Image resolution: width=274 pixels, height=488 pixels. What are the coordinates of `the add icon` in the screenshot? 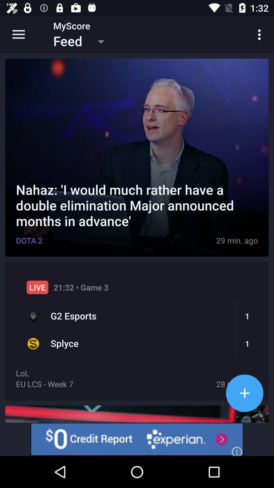 It's located at (244, 393).